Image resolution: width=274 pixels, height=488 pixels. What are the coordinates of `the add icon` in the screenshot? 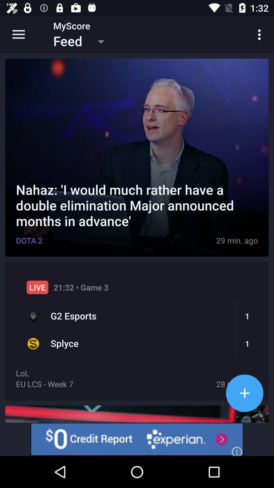 It's located at (244, 393).